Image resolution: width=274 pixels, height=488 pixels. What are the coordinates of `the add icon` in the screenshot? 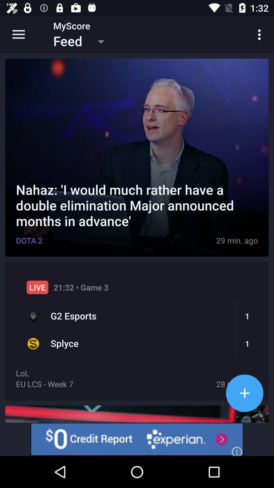 It's located at (244, 393).